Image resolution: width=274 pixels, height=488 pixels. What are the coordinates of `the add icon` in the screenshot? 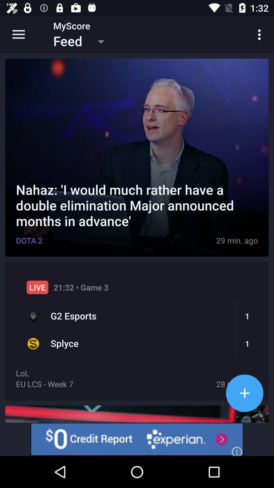 It's located at (244, 393).